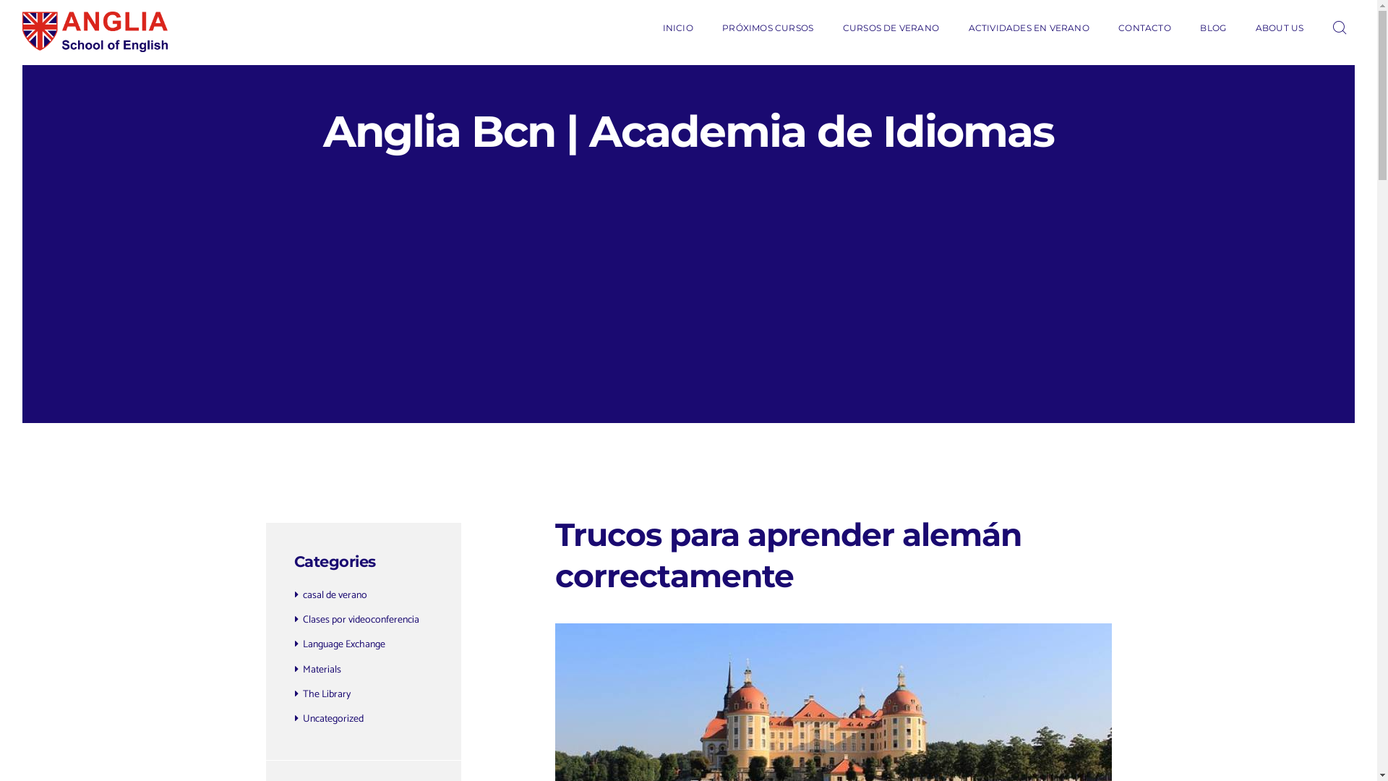 This screenshot has height=781, width=1388. Describe the element at coordinates (332, 719) in the screenshot. I see `'Uncategorized'` at that location.